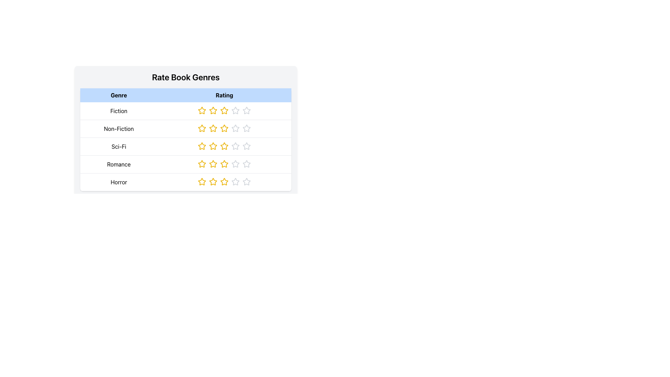 The height and width of the screenshot is (377, 670). I want to click on the second star in the rating scale, so click(213, 110).